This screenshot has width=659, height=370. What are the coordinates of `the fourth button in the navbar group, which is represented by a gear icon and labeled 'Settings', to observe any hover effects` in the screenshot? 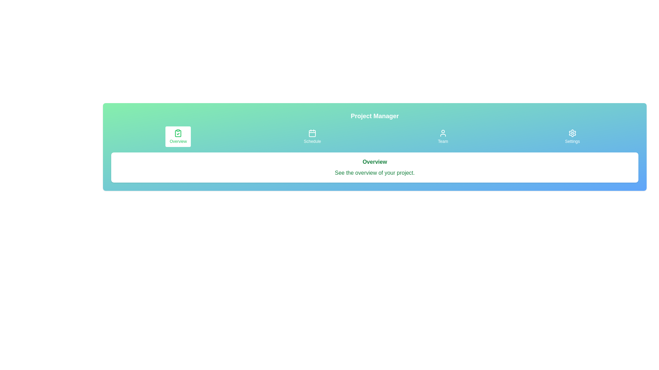 It's located at (572, 136).